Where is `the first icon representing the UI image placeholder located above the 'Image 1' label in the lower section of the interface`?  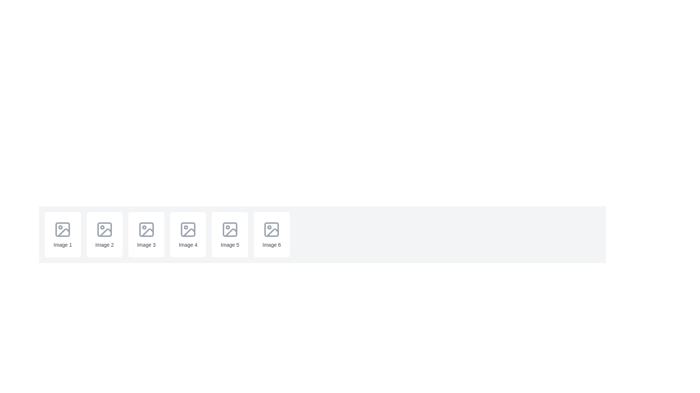 the first icon representing the UI image placeholder located above the 'Image 1' label in the lower section of the interface is located at coordinates (63, 230).